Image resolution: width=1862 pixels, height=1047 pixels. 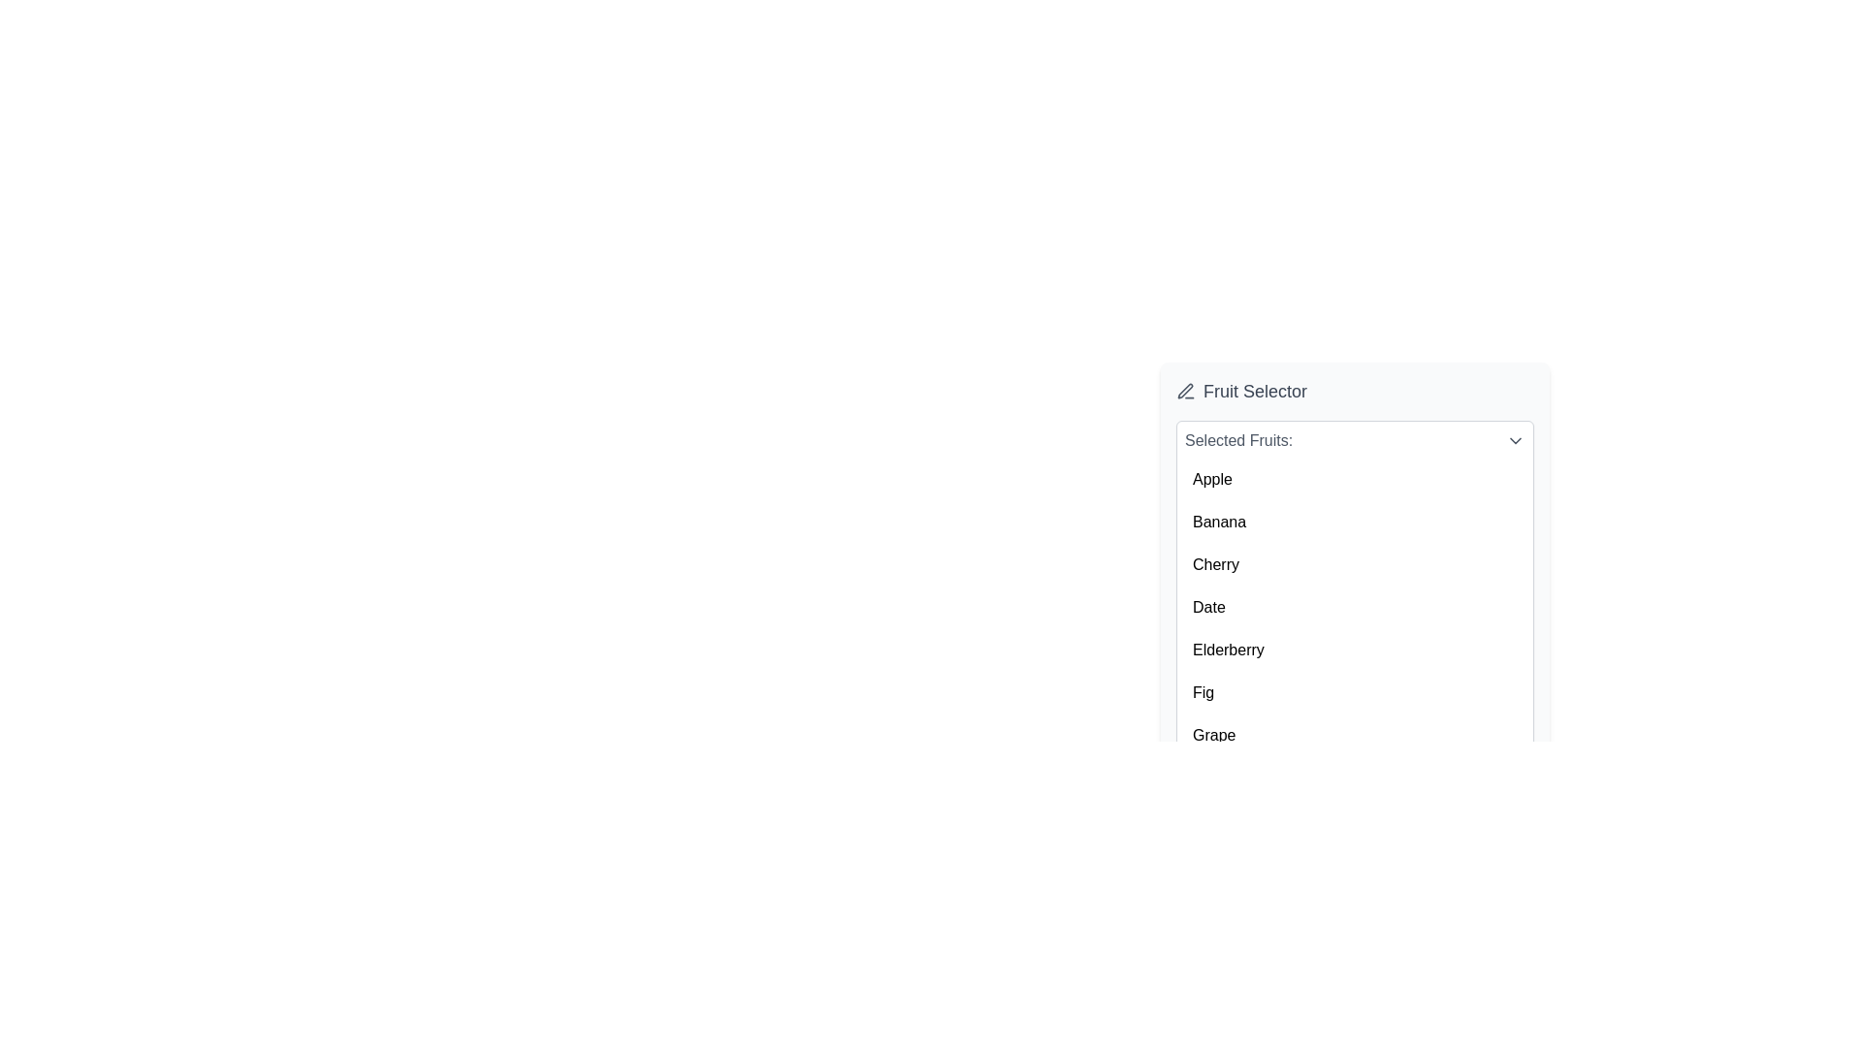 I want to click on to select the list item labeled 'Cherry', which is the third item in the 'Fruit Selector' list of fruits, so click(x=1354, y=564).